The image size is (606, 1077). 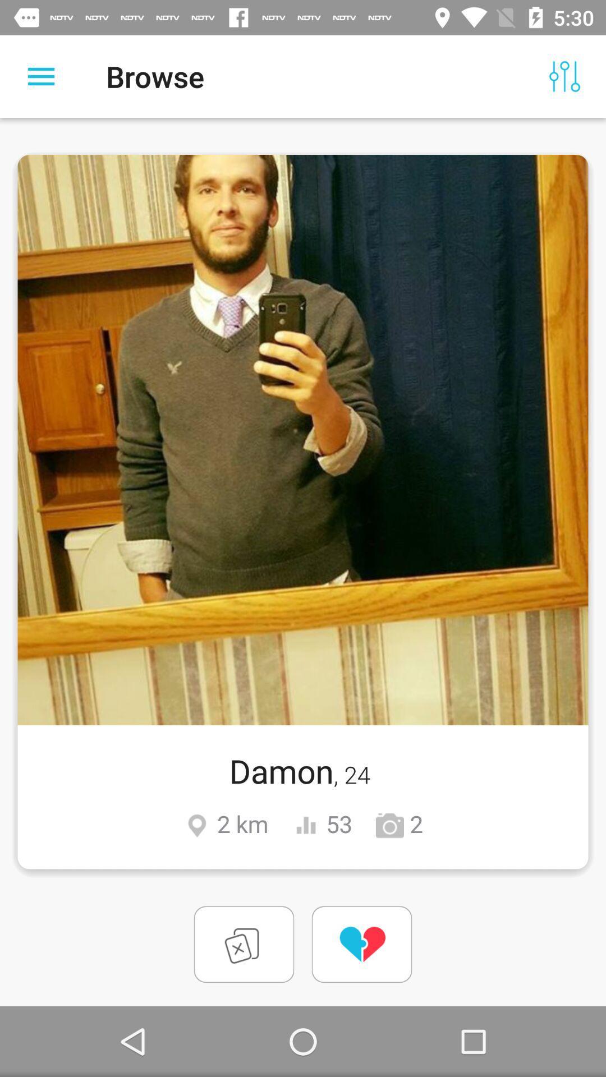 I want to click on the favorite icon, so click(x=361, y=943).